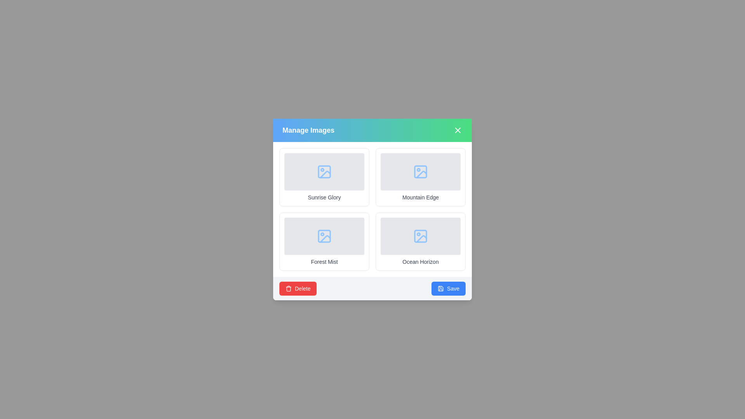 The image size is (745, 419). I want to click on the graphical placeholder labeled 'Ocean Horizon' in the lower-left cell of the dialog box titled 'Manage Images', so click(420, 236).